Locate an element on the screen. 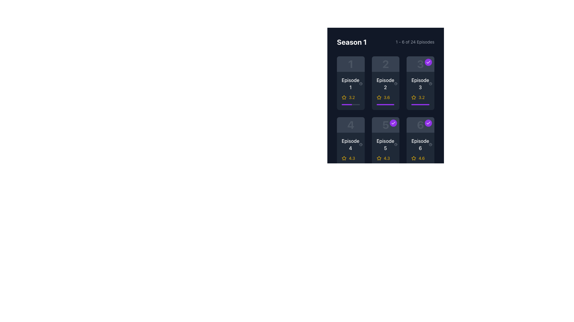 Image resolution: width=574 pixels, height=322 pixels. the text label displaying episode information, which includes 'Episode 3' and '42 min', located between 'Season 1' and the rating stars block is located at coordinates (420, 84).